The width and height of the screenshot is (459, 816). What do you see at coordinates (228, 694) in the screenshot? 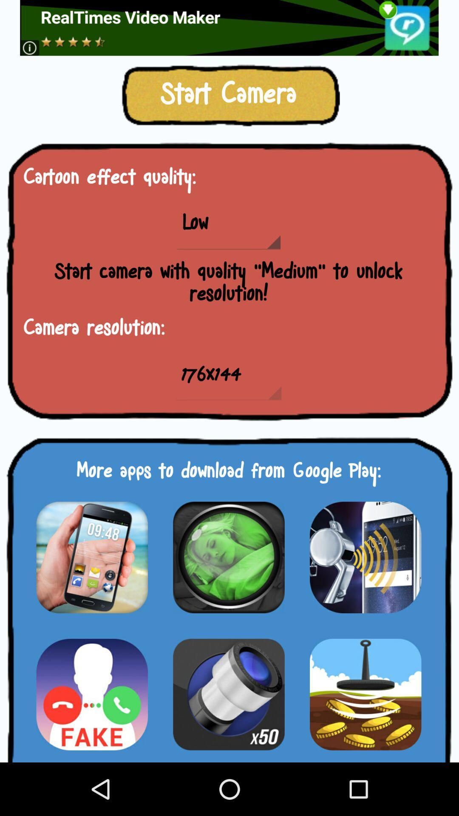
I see `choose option` at bounding box center [228, 694].